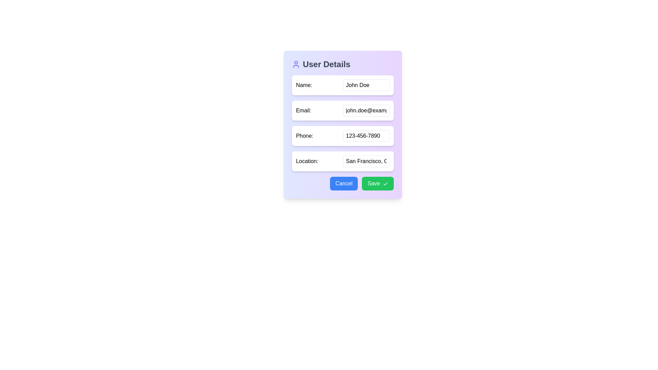 Image resolution: width=658 pixels, height=370 pixels. What do you see at coordinates (366, 136) in the screenshot?
I see `the text input field for the phone number, which is styled with rounded corners and contains the placeholder text '123-456-7890', located directly to the right of the label 'Phone:'` at bounding box center [366, 136].